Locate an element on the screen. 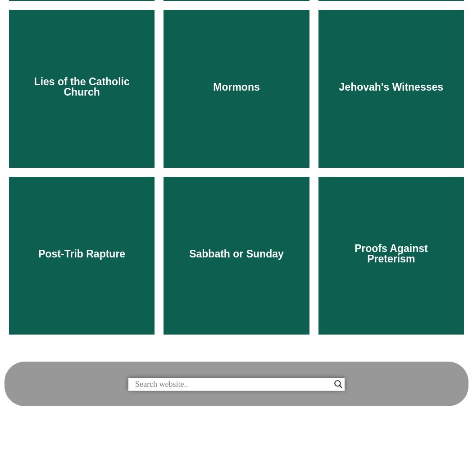 This screenshot has height=459, width=473. 'Learn why the Jehovah's Witnesses are not truly Jehovah's witnesses.' is located at coordinates (391, 241).